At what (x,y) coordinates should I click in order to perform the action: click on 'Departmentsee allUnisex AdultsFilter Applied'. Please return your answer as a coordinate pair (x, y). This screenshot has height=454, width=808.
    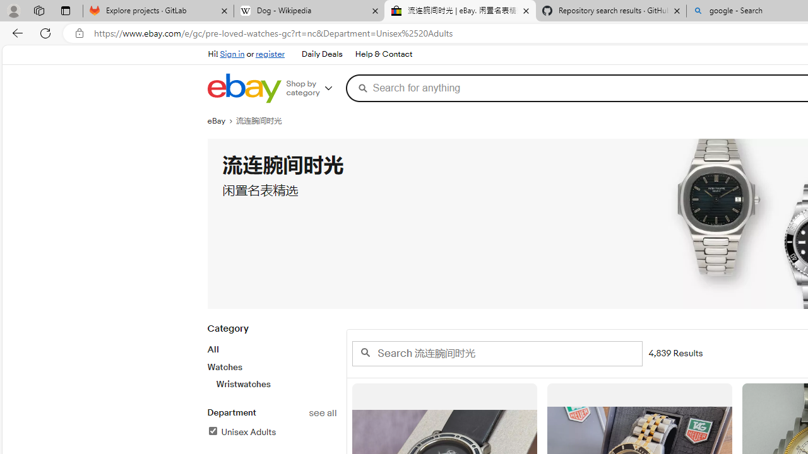
    Looking at the image, I should click on (271, 429).